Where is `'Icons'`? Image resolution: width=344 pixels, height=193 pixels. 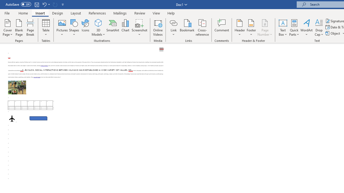 'Icons' is located at coordinates (85, 28).